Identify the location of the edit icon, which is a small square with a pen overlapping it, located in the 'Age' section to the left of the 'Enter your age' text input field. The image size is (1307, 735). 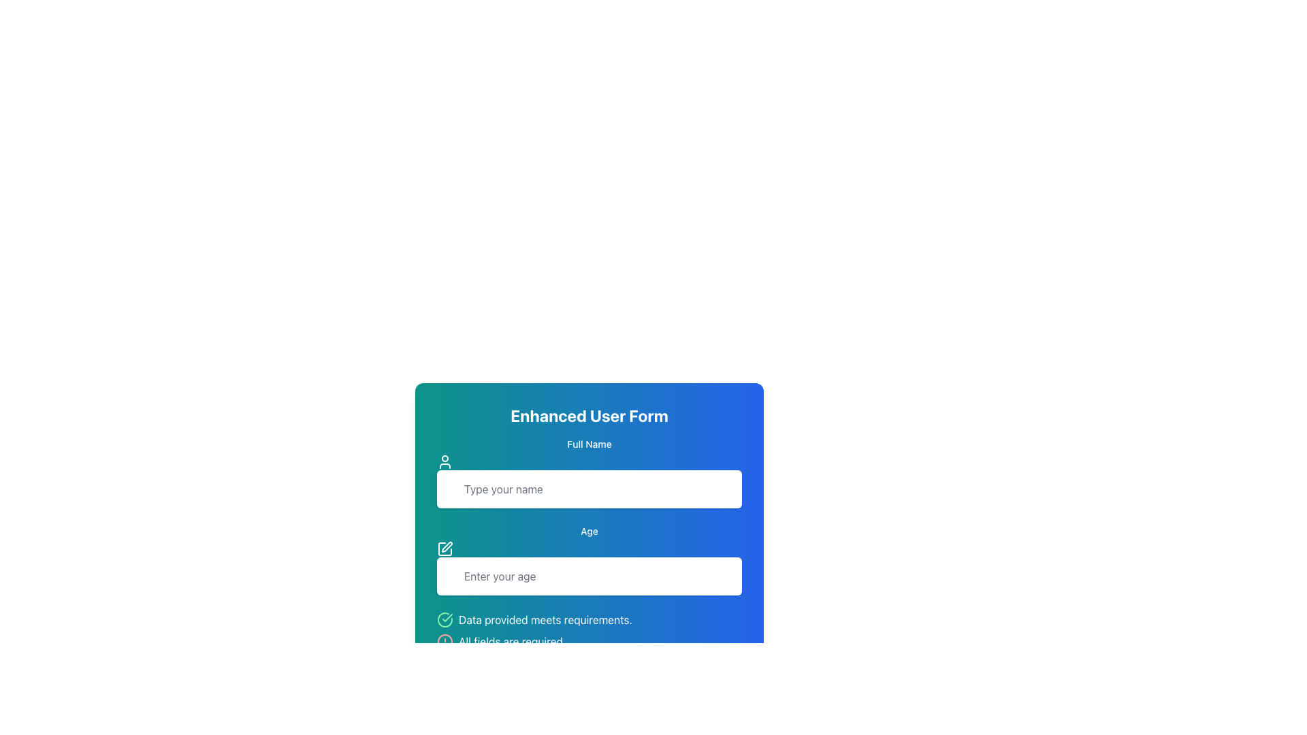
(445, 548).